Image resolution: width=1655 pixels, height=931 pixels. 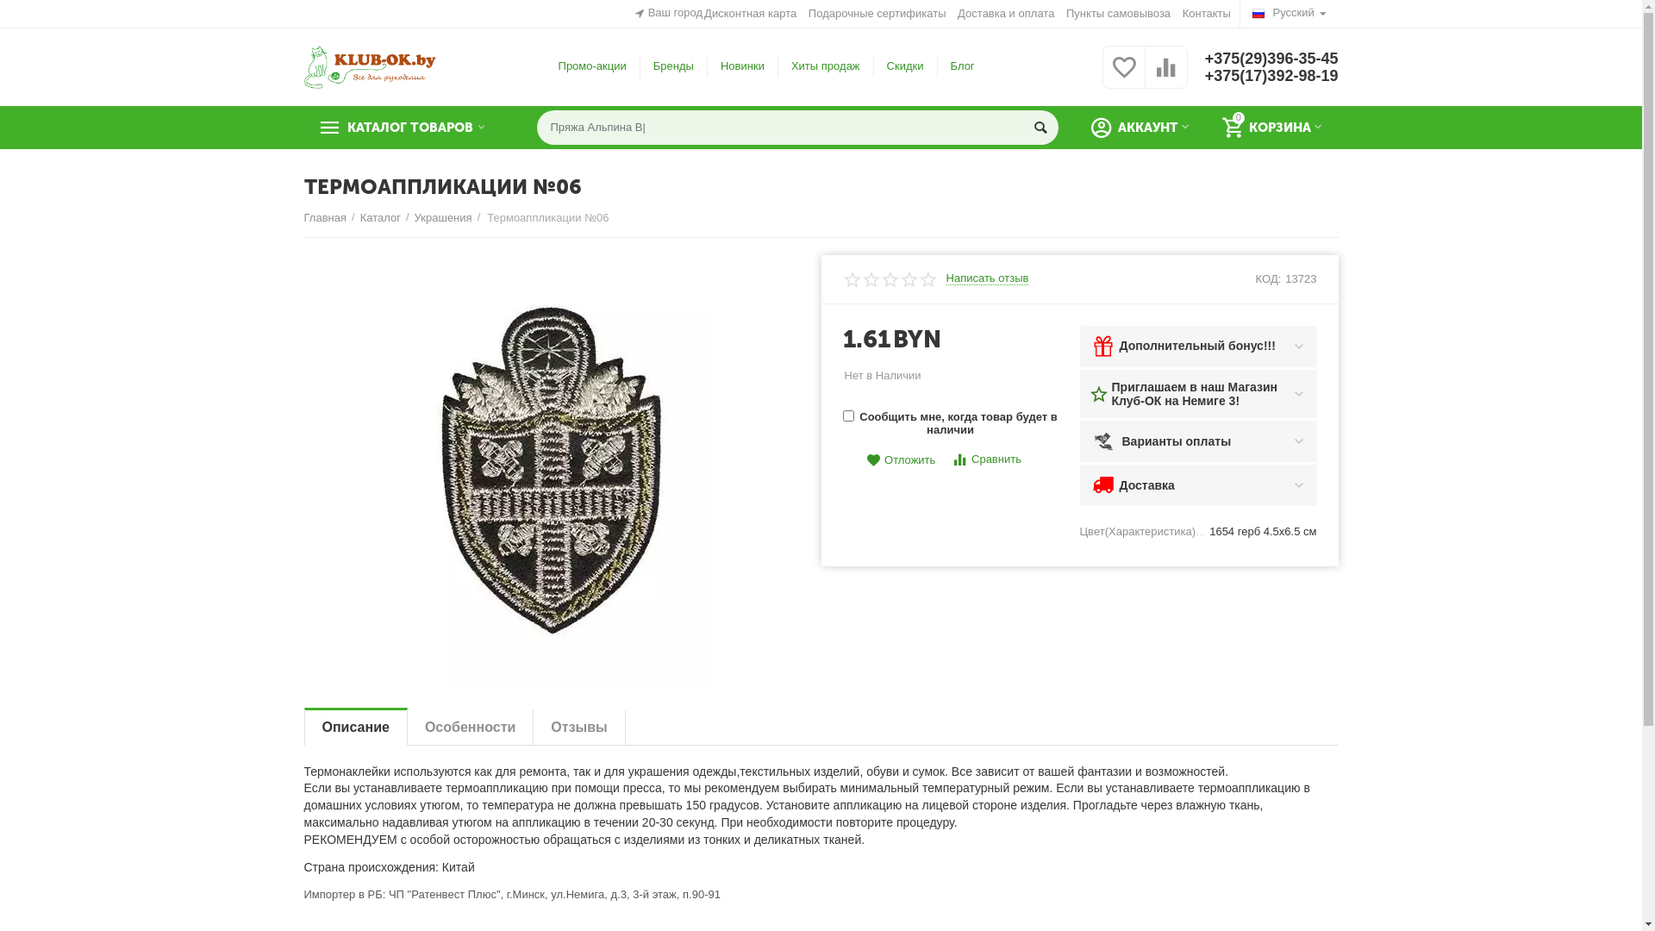 I want to click on 'on', so click(x=848, y=416).